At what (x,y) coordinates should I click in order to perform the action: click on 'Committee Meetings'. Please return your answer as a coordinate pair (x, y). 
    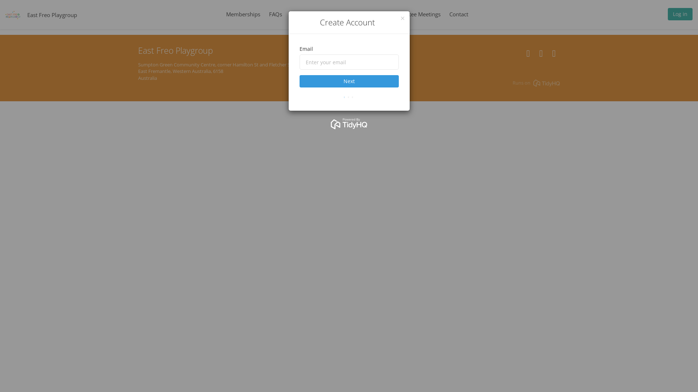
    Looking at the image, I should click on (415, 14).